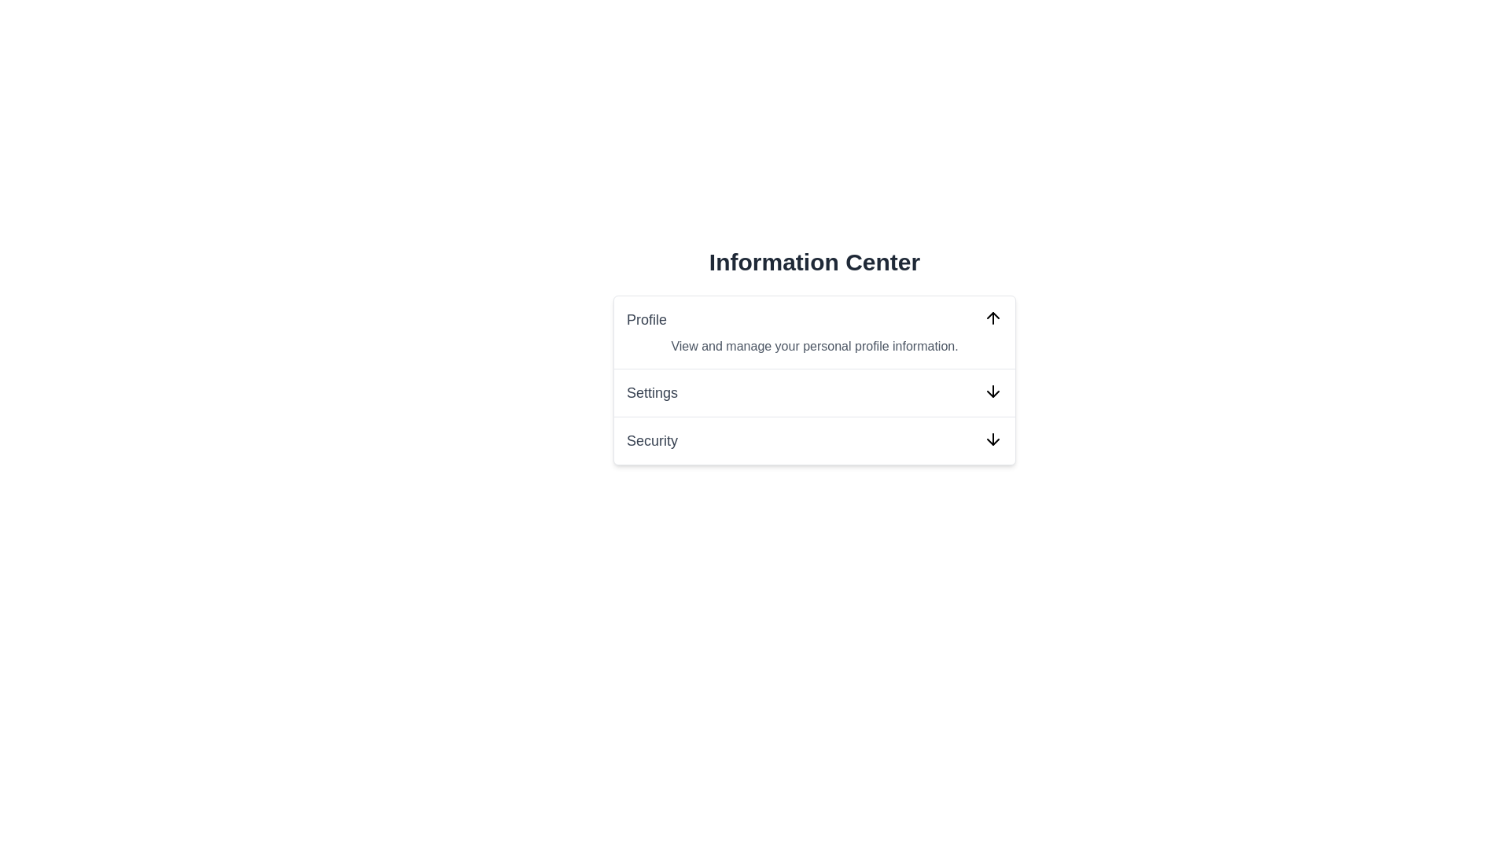 This screenshot has width=1510, height=849. Describe the element at coordinates (992, 390) in the screenshot. I see `the downward arrow icon located to the right of the 'Settings' text in the second row of the list` at that location.